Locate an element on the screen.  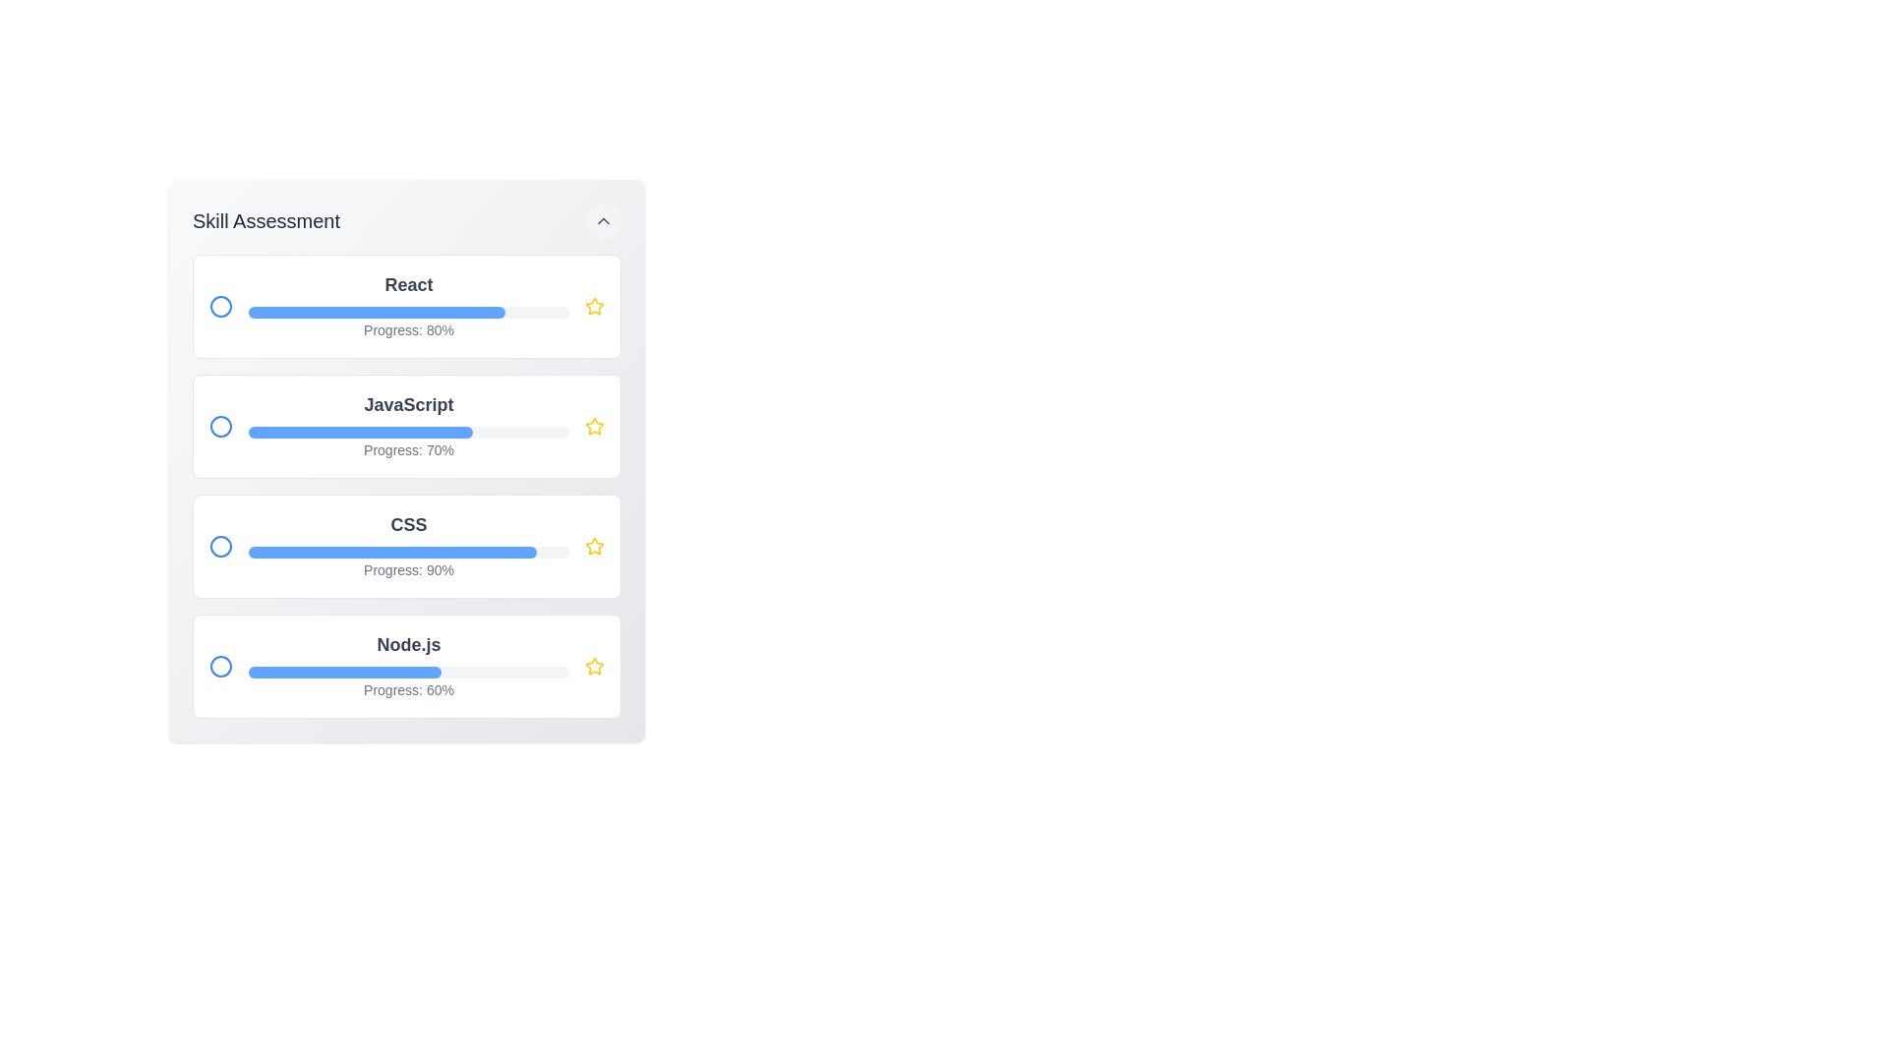
the skill item corresponding to CSS is located at coordinates (405, 546).